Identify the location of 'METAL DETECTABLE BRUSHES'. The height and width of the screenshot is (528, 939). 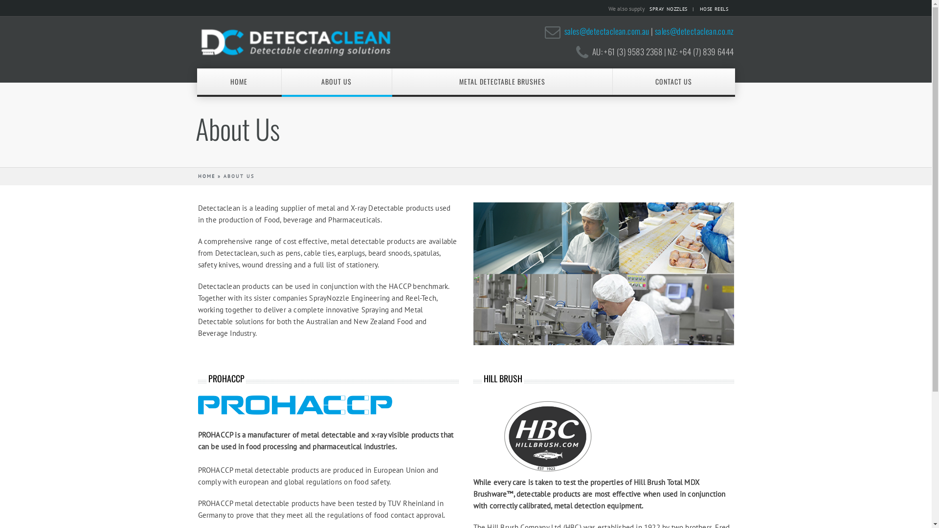
(502, 81).